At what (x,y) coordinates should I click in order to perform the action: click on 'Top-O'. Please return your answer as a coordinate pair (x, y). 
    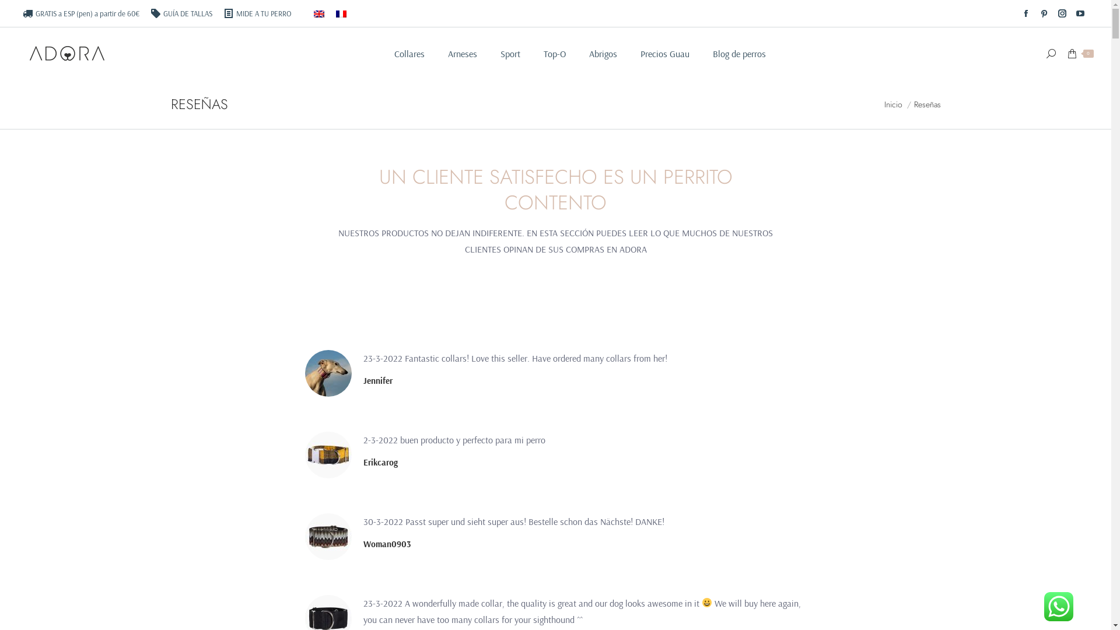
    Looking at the image, I should click on (542, 54).